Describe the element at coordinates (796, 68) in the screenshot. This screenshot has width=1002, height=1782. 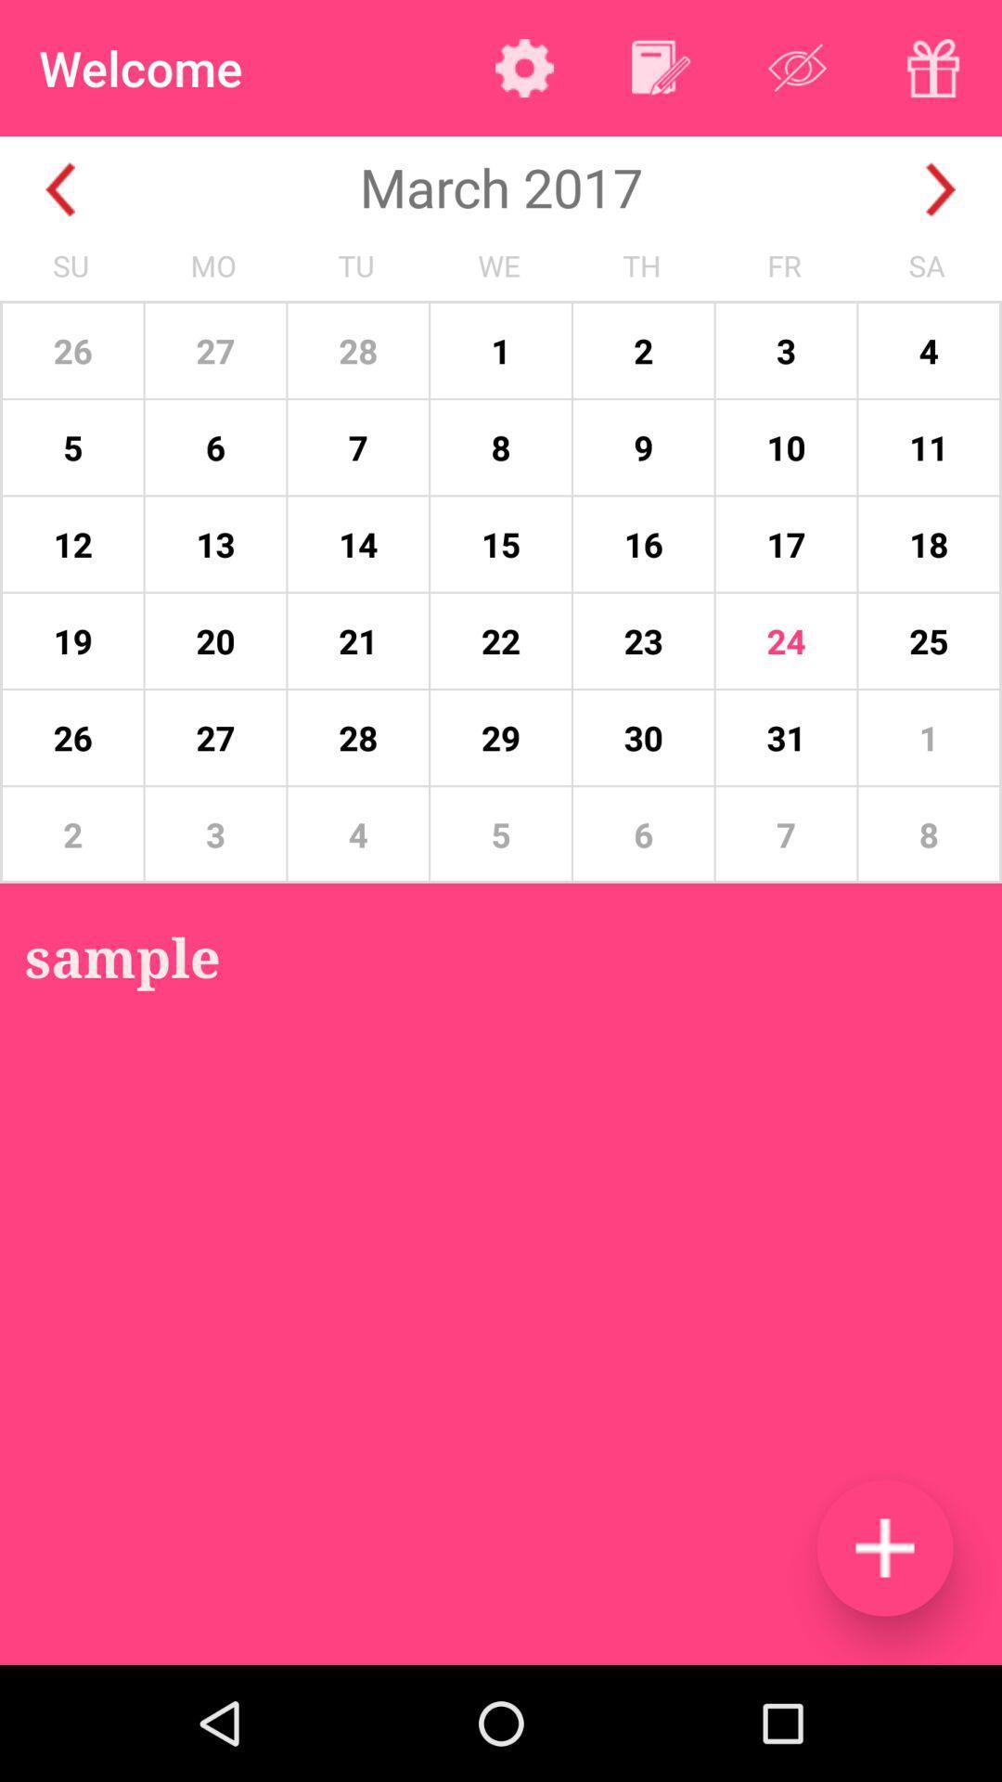
I see `change information visibility` at that location.